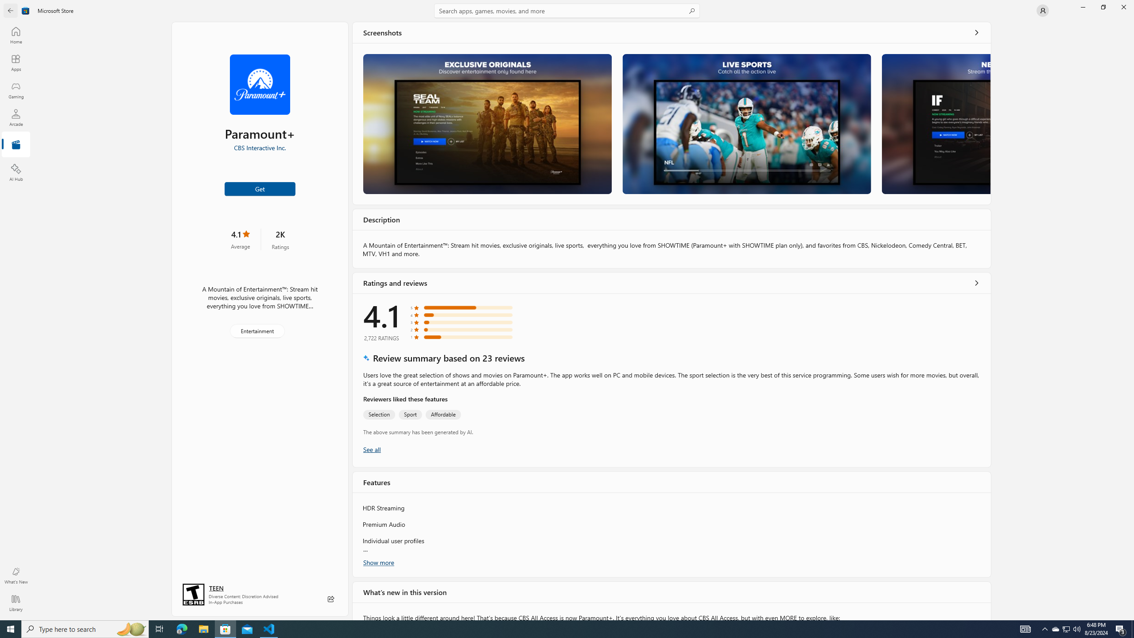 This screenshot has width=1134, height=638. Describe the element at coordinates (15, 35) in the screenshot. I see `'Home'` at that location.